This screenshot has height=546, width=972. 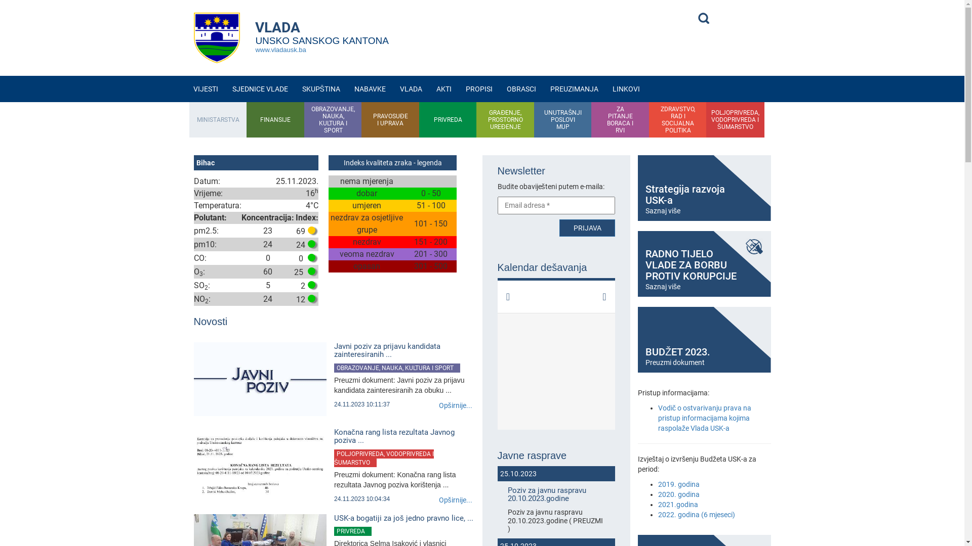 What do you see at coordinates (347, 88) in the screenshot?
I see `'NABAVKE'` at bounding box center [347, 88].